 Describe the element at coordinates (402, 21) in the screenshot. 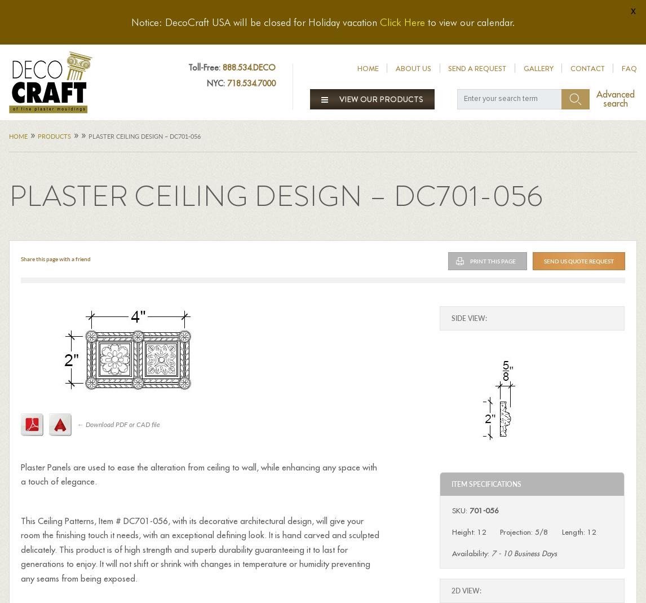

I see `'Click Here'` at that location.